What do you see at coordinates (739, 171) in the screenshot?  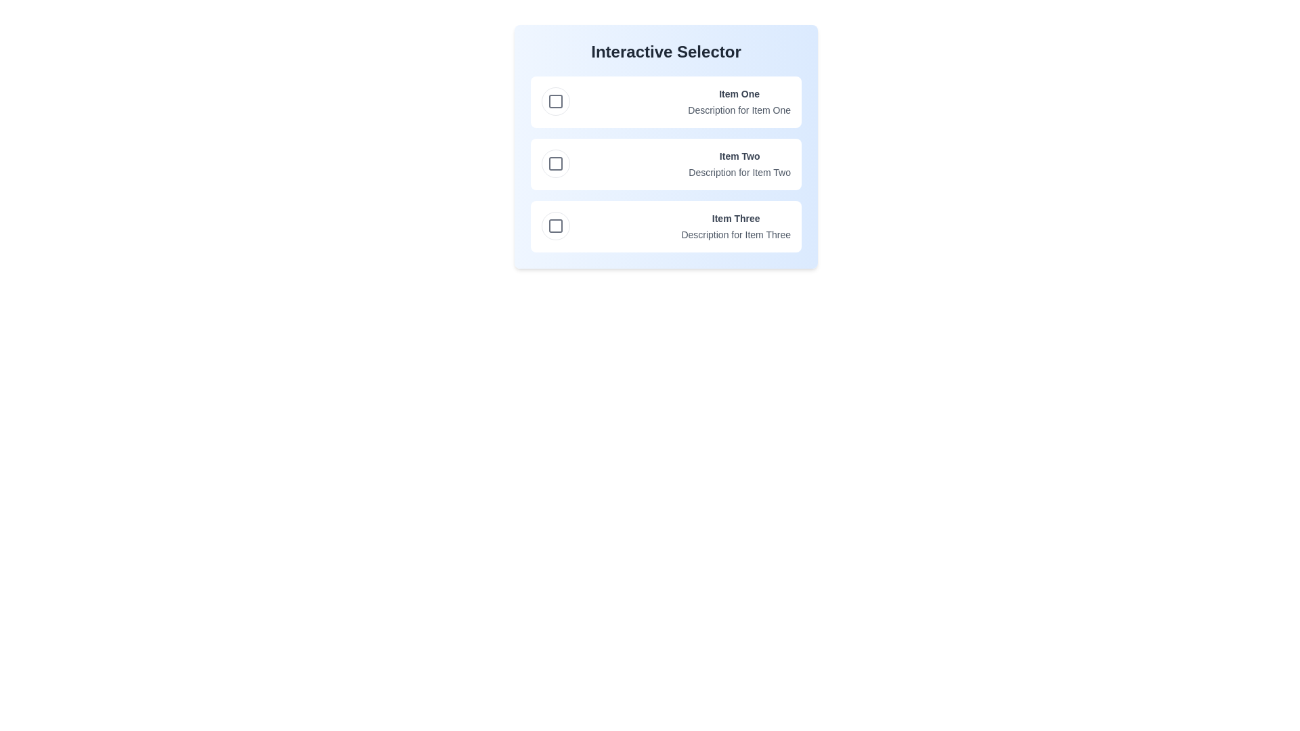 I see `the descriptive text label located beneath 'Item Two' in the second row of the list` at bounding box center [739, 171].